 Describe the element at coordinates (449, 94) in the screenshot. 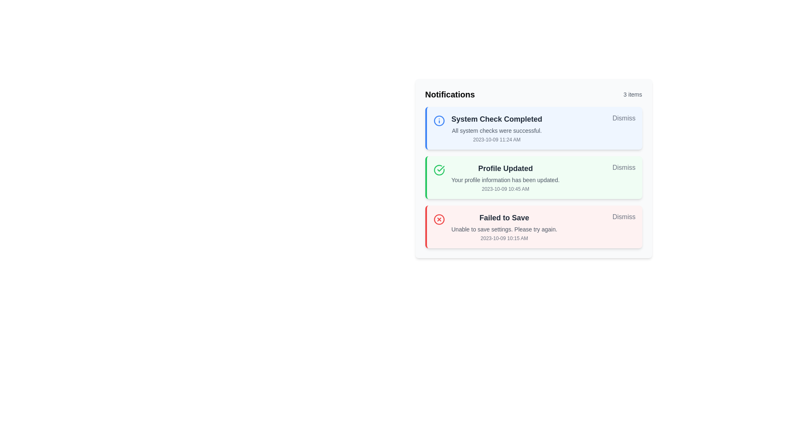

I see `the notifications section header label that provides context about the content displayed below` at that location.